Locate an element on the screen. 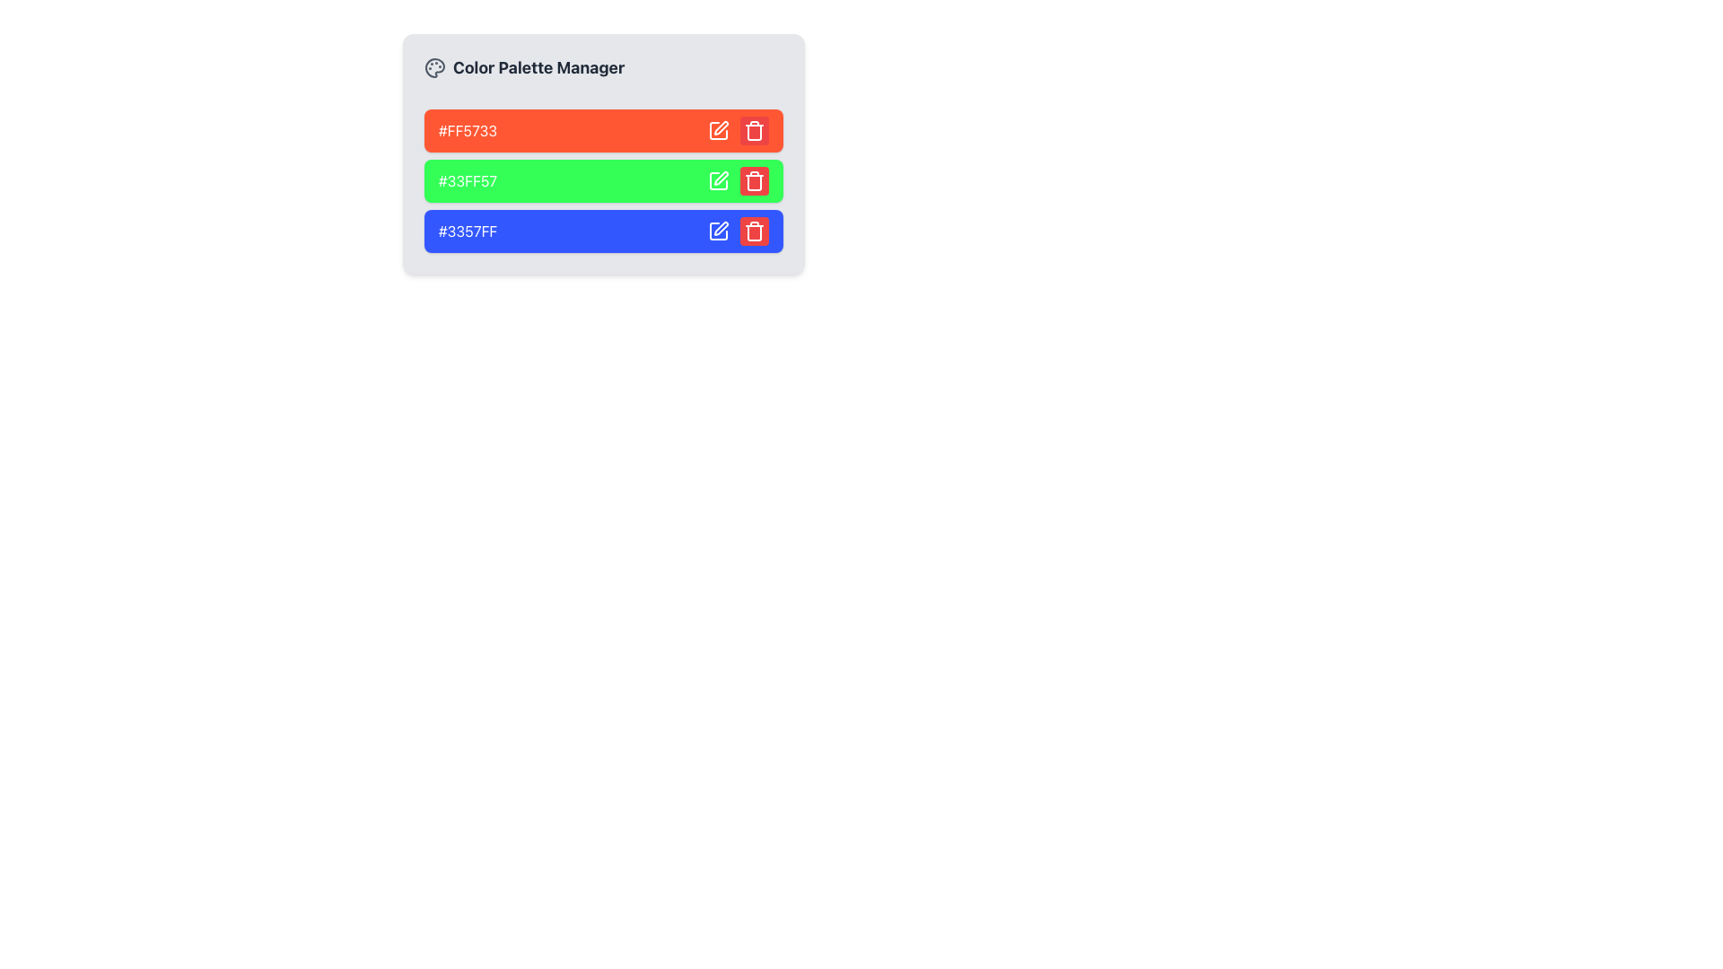 The image size is (1723, 969). the leftmost icon is located at coordinates (719, 130).